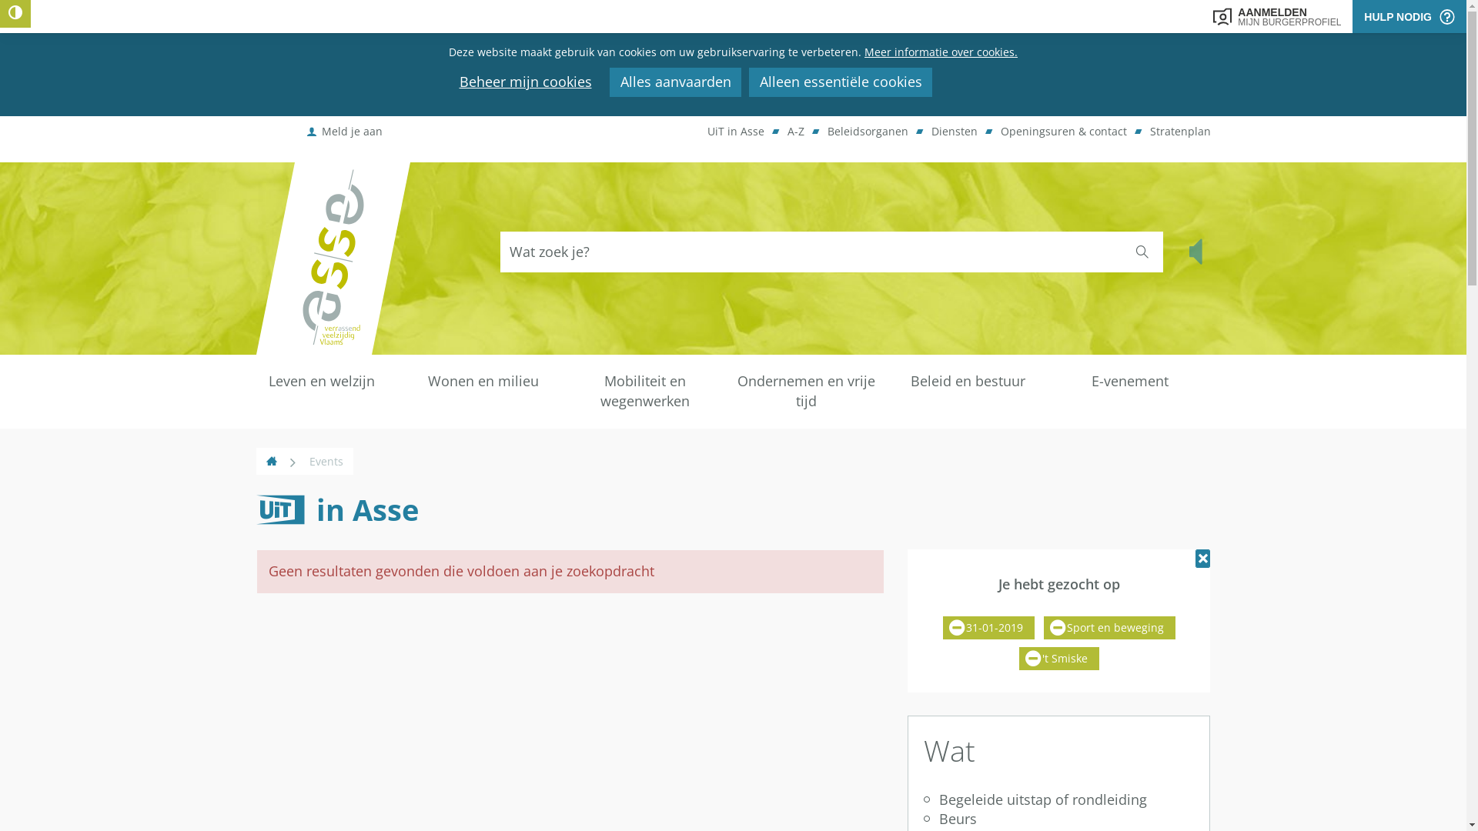  I want to click on 'Leven en welzijn', so click(320, 381).